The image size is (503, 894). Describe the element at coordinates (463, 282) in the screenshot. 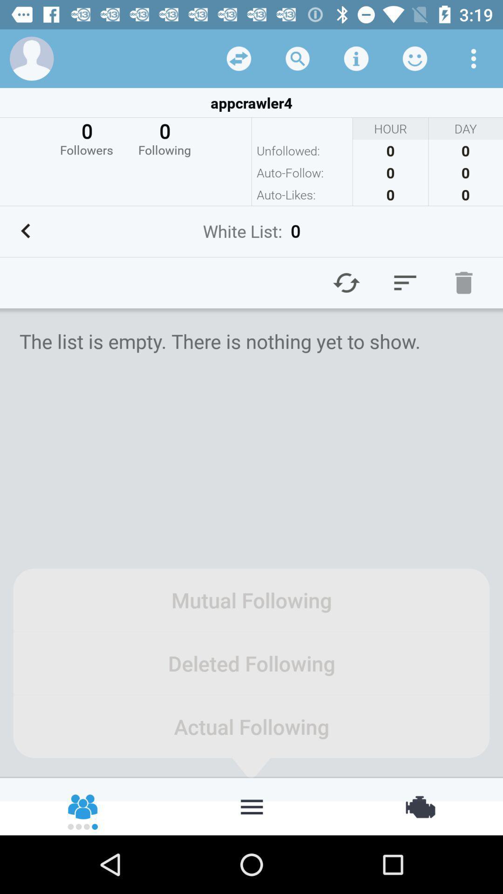

I see `the delete icon` at that location.